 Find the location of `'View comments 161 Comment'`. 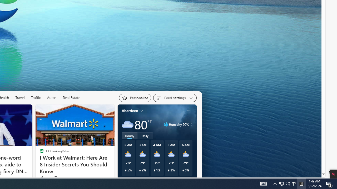

'View comments 161 Comment' is located at coordinates (65, 178).